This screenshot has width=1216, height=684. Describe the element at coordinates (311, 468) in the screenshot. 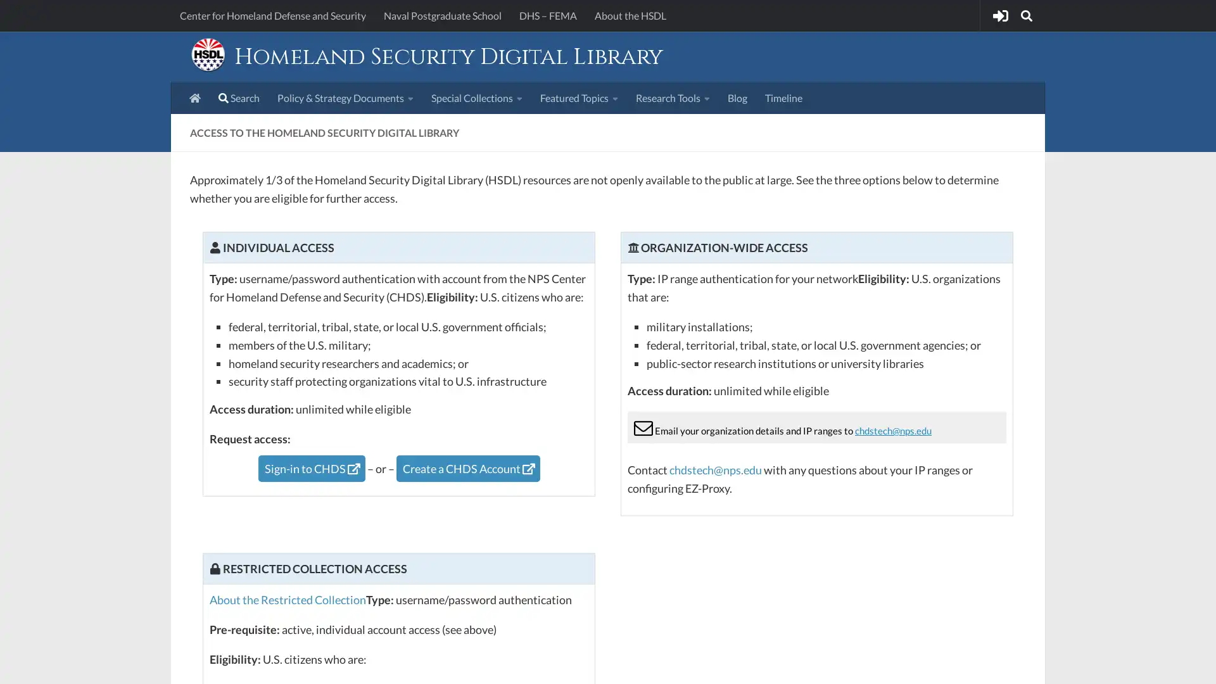

I see `Sign-in to CHDS` at that location.